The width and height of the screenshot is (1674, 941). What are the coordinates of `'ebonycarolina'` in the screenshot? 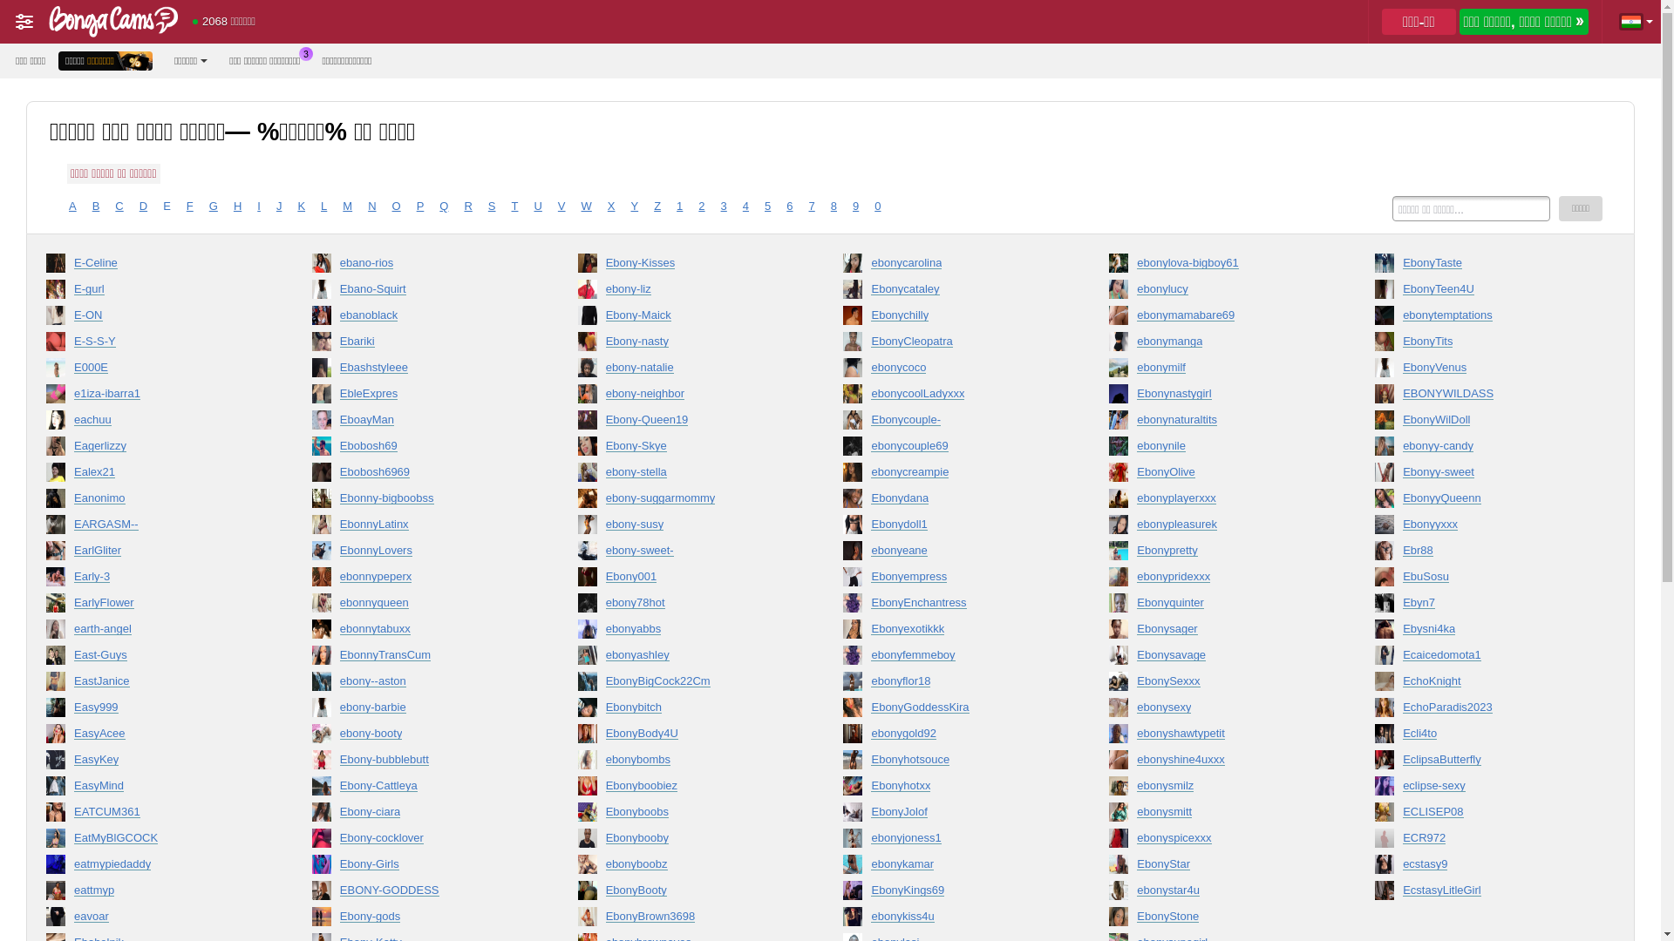 It's located at (949, 266).